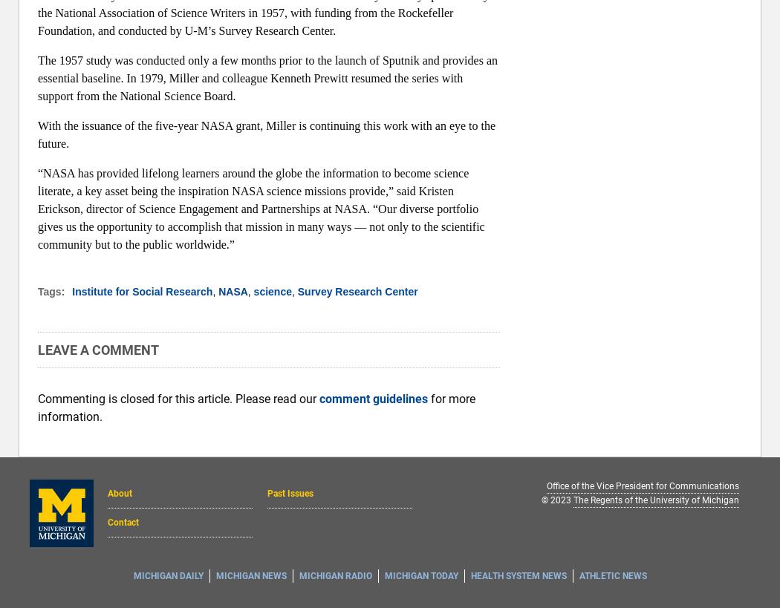  I want to click on 'The 1957 study was conducted only a few months prior to the launch of Sputnik and provides an essential baseline. In 1979, Miller and colleague Kenneth Prewitt resumed the series with support from the National Science Board.', so click(267, 78).